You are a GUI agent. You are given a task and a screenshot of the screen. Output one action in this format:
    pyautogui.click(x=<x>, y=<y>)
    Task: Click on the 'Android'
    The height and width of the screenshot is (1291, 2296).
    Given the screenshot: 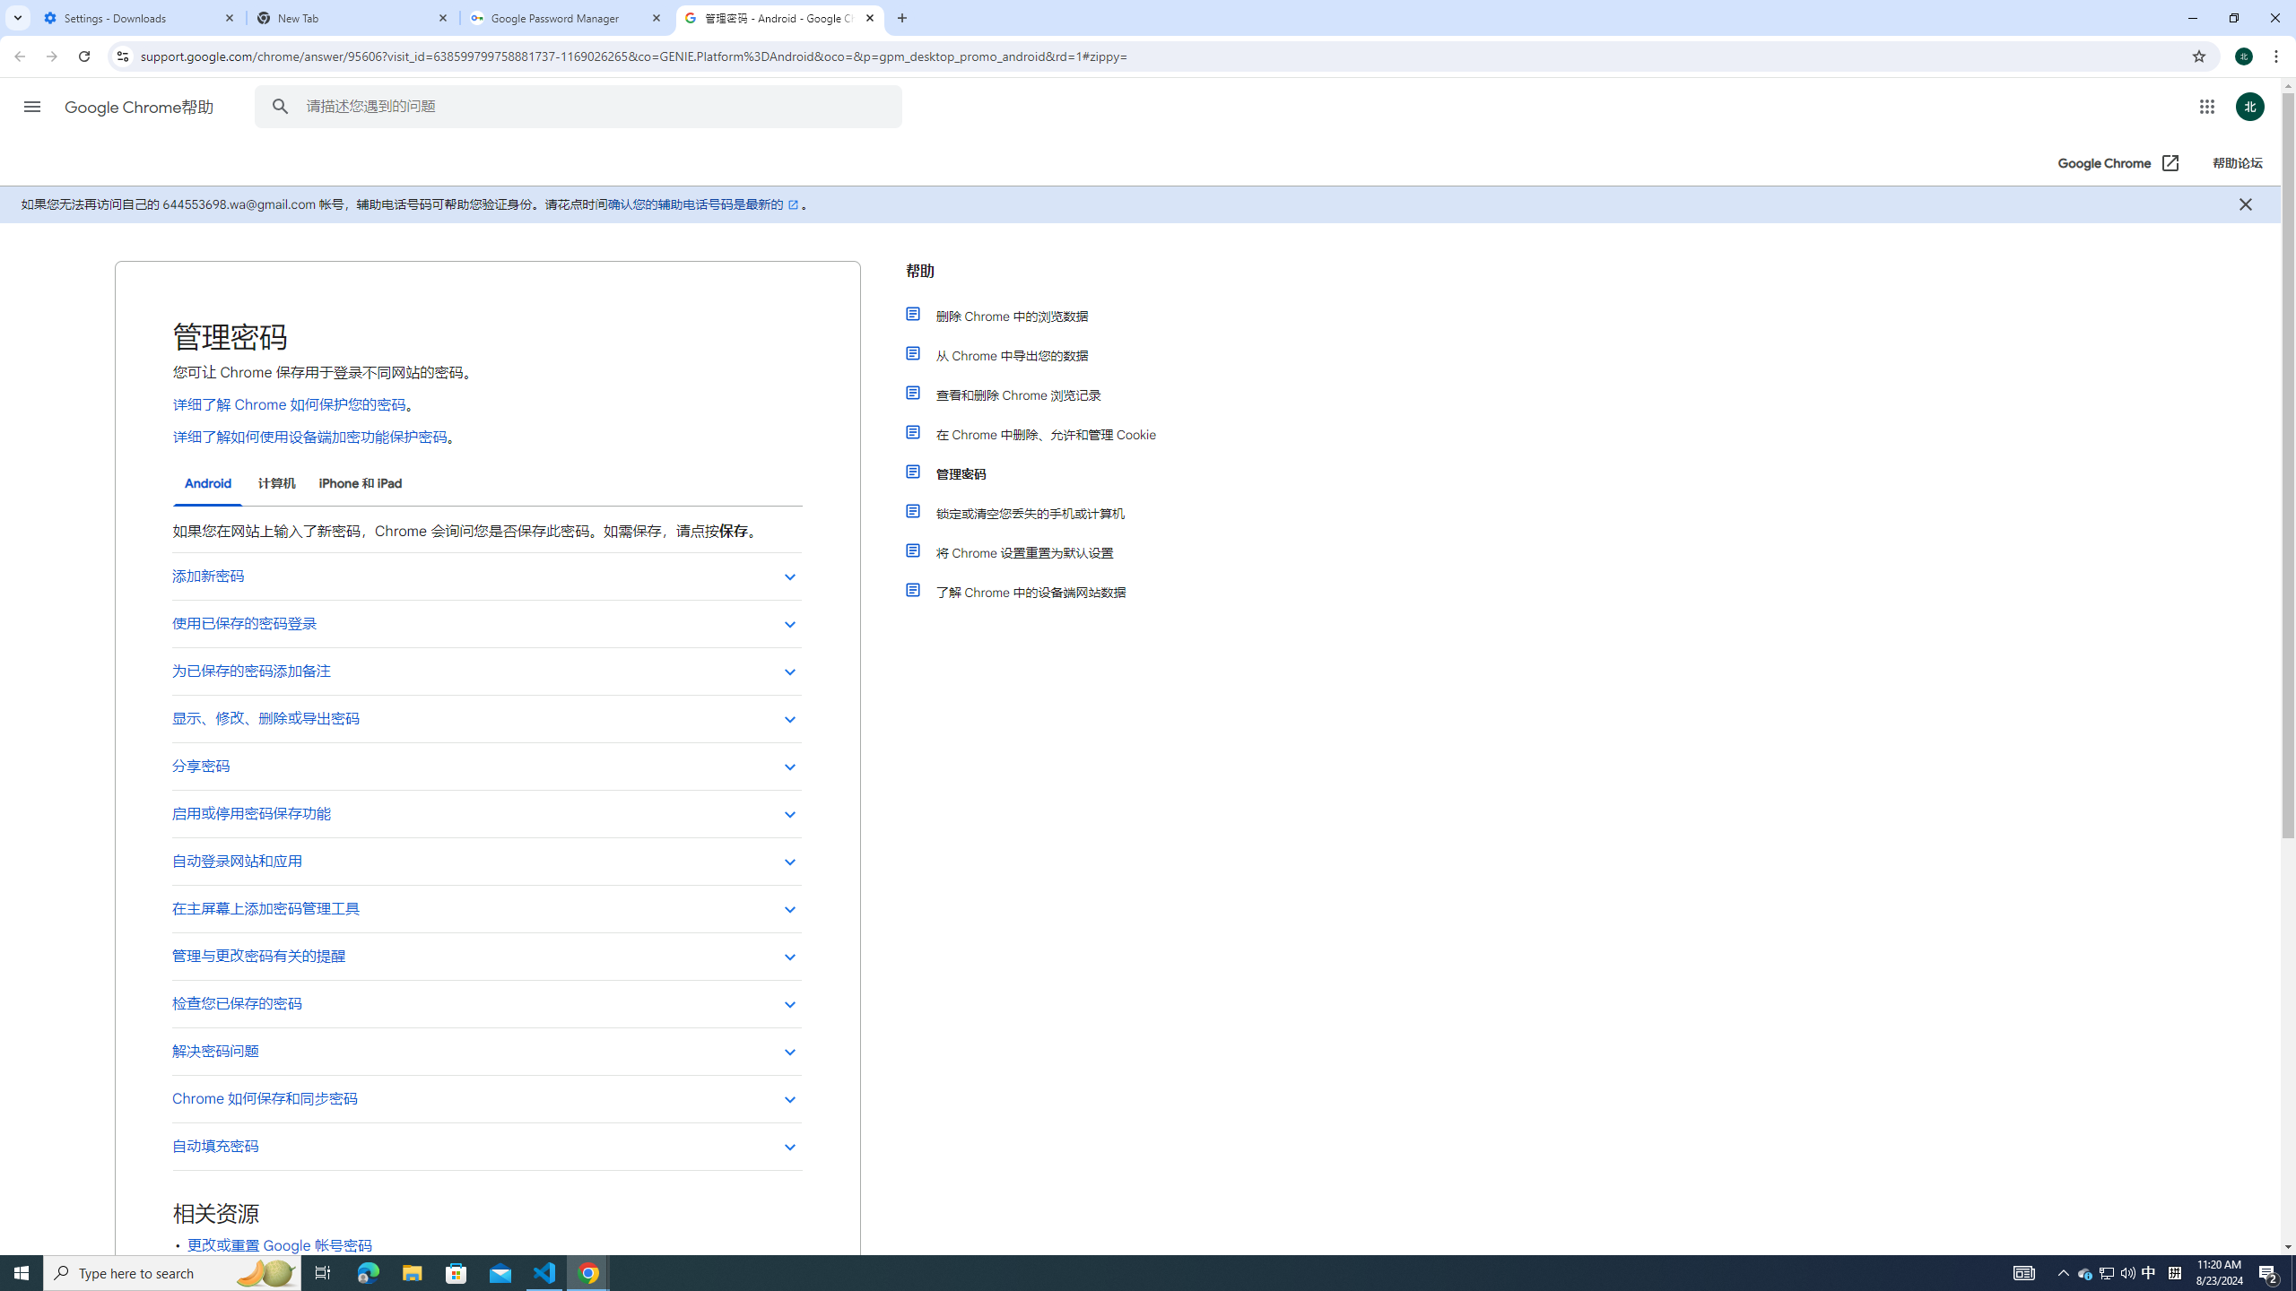 What is the action you would take?
    pyautogui.click(x=207, y=484)
    